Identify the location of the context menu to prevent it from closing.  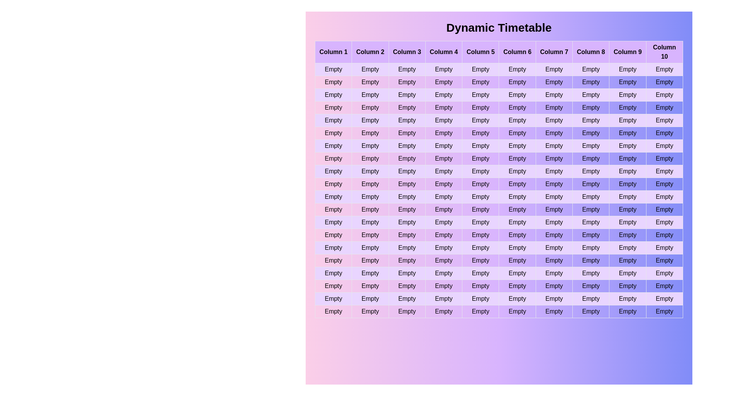
(347, 193).